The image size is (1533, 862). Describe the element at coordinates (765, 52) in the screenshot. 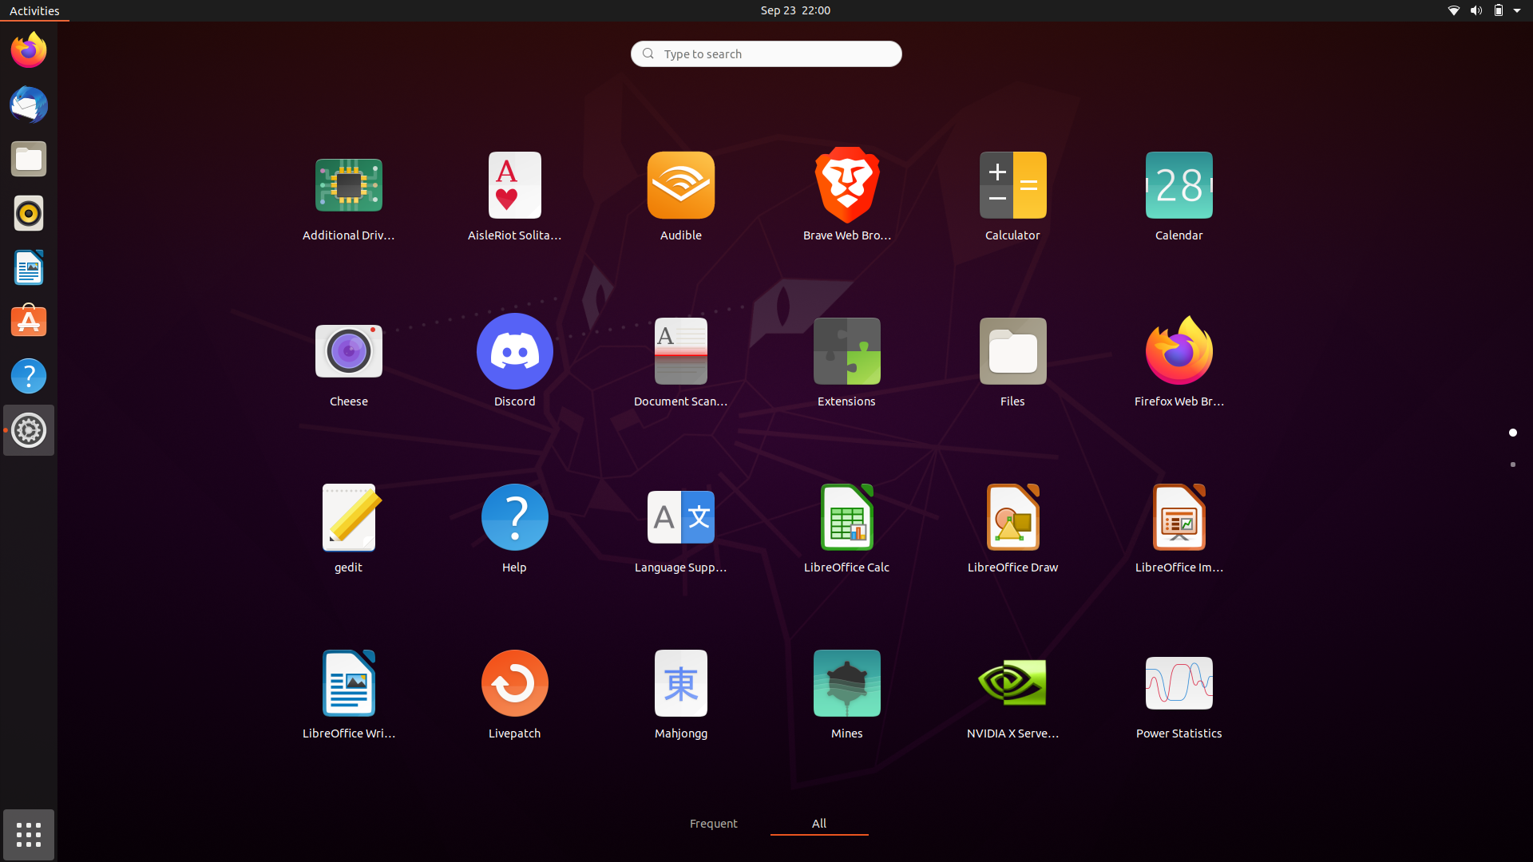

I see `the search application and look for "Editor` at that location.